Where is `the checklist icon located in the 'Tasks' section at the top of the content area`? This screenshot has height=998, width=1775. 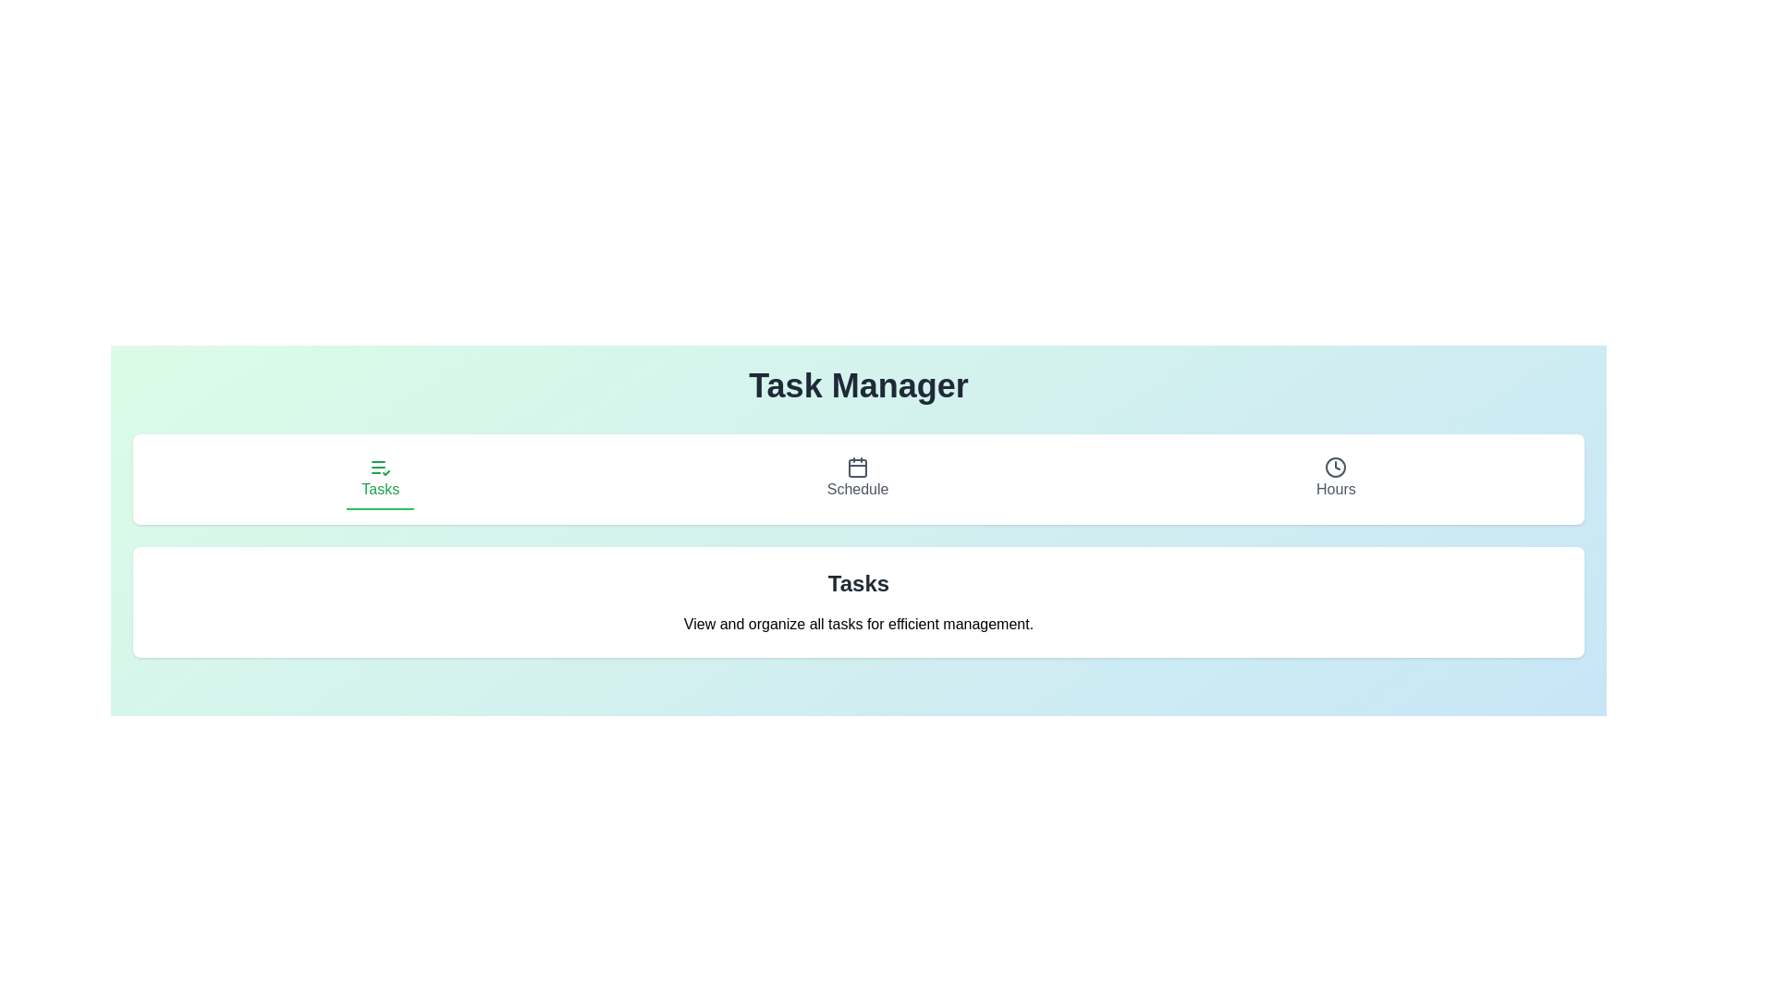
the checklist icon located in the 'Tasks' section at the top of the content area is located at coordinates (379, 466).